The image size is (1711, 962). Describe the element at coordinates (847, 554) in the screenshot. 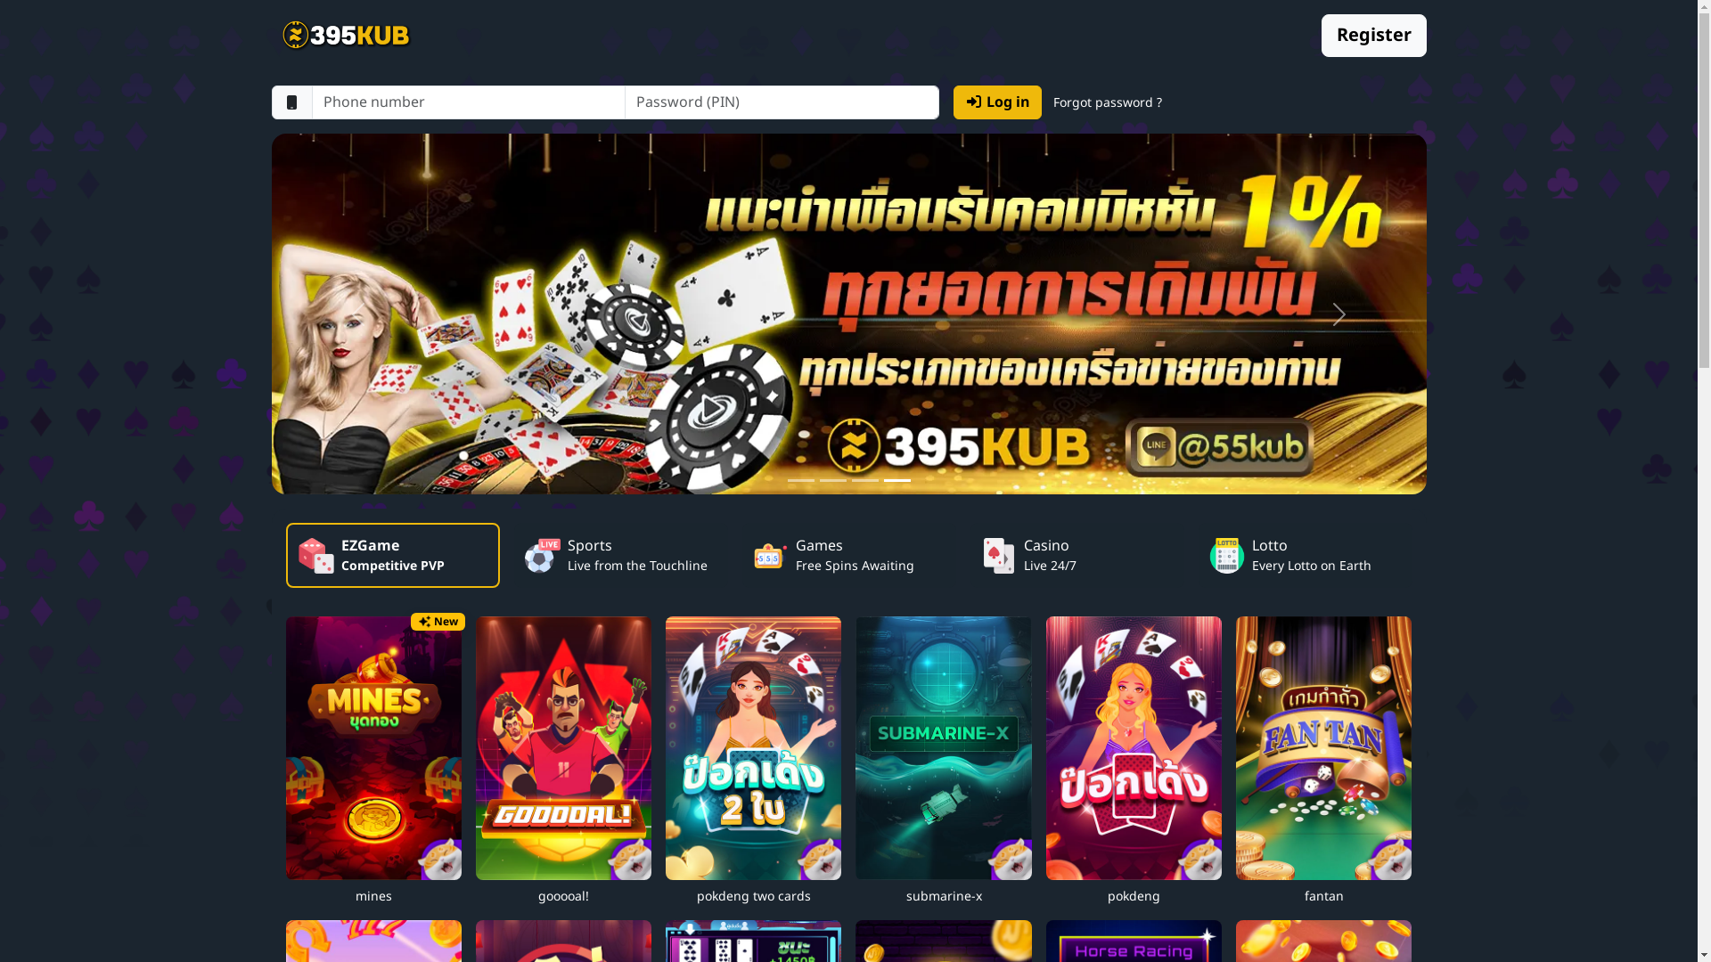

I see `'Games` at that location.